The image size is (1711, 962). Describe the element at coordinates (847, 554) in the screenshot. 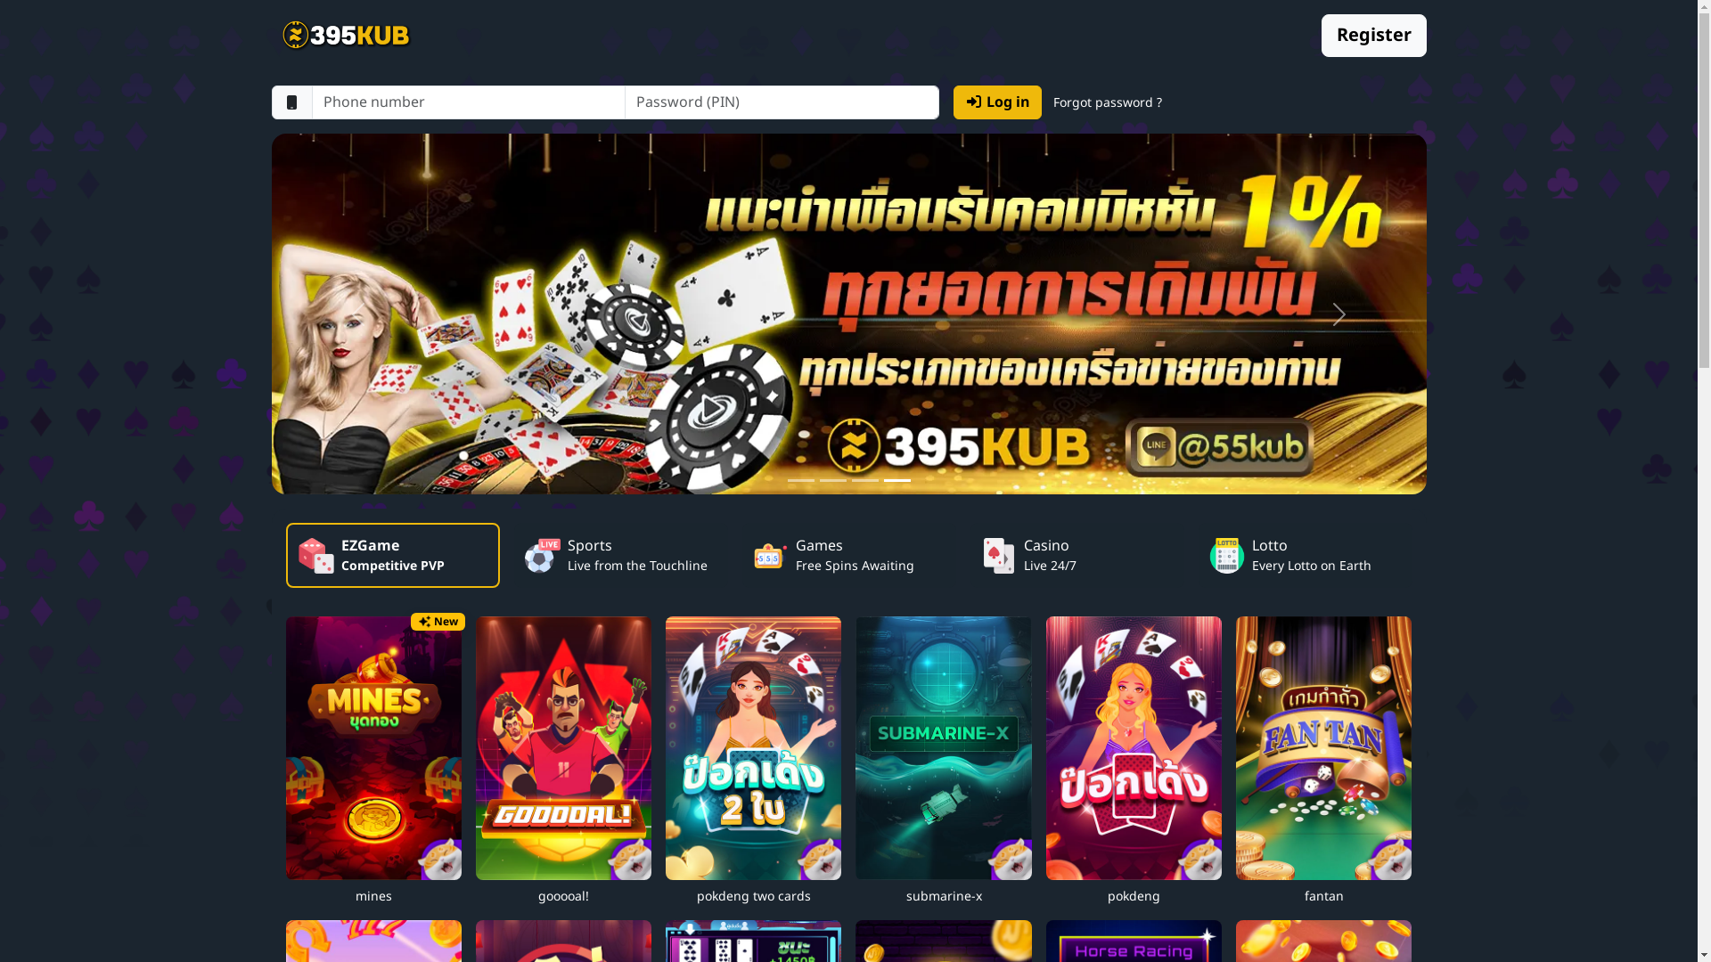

I see `'Games` at that location.